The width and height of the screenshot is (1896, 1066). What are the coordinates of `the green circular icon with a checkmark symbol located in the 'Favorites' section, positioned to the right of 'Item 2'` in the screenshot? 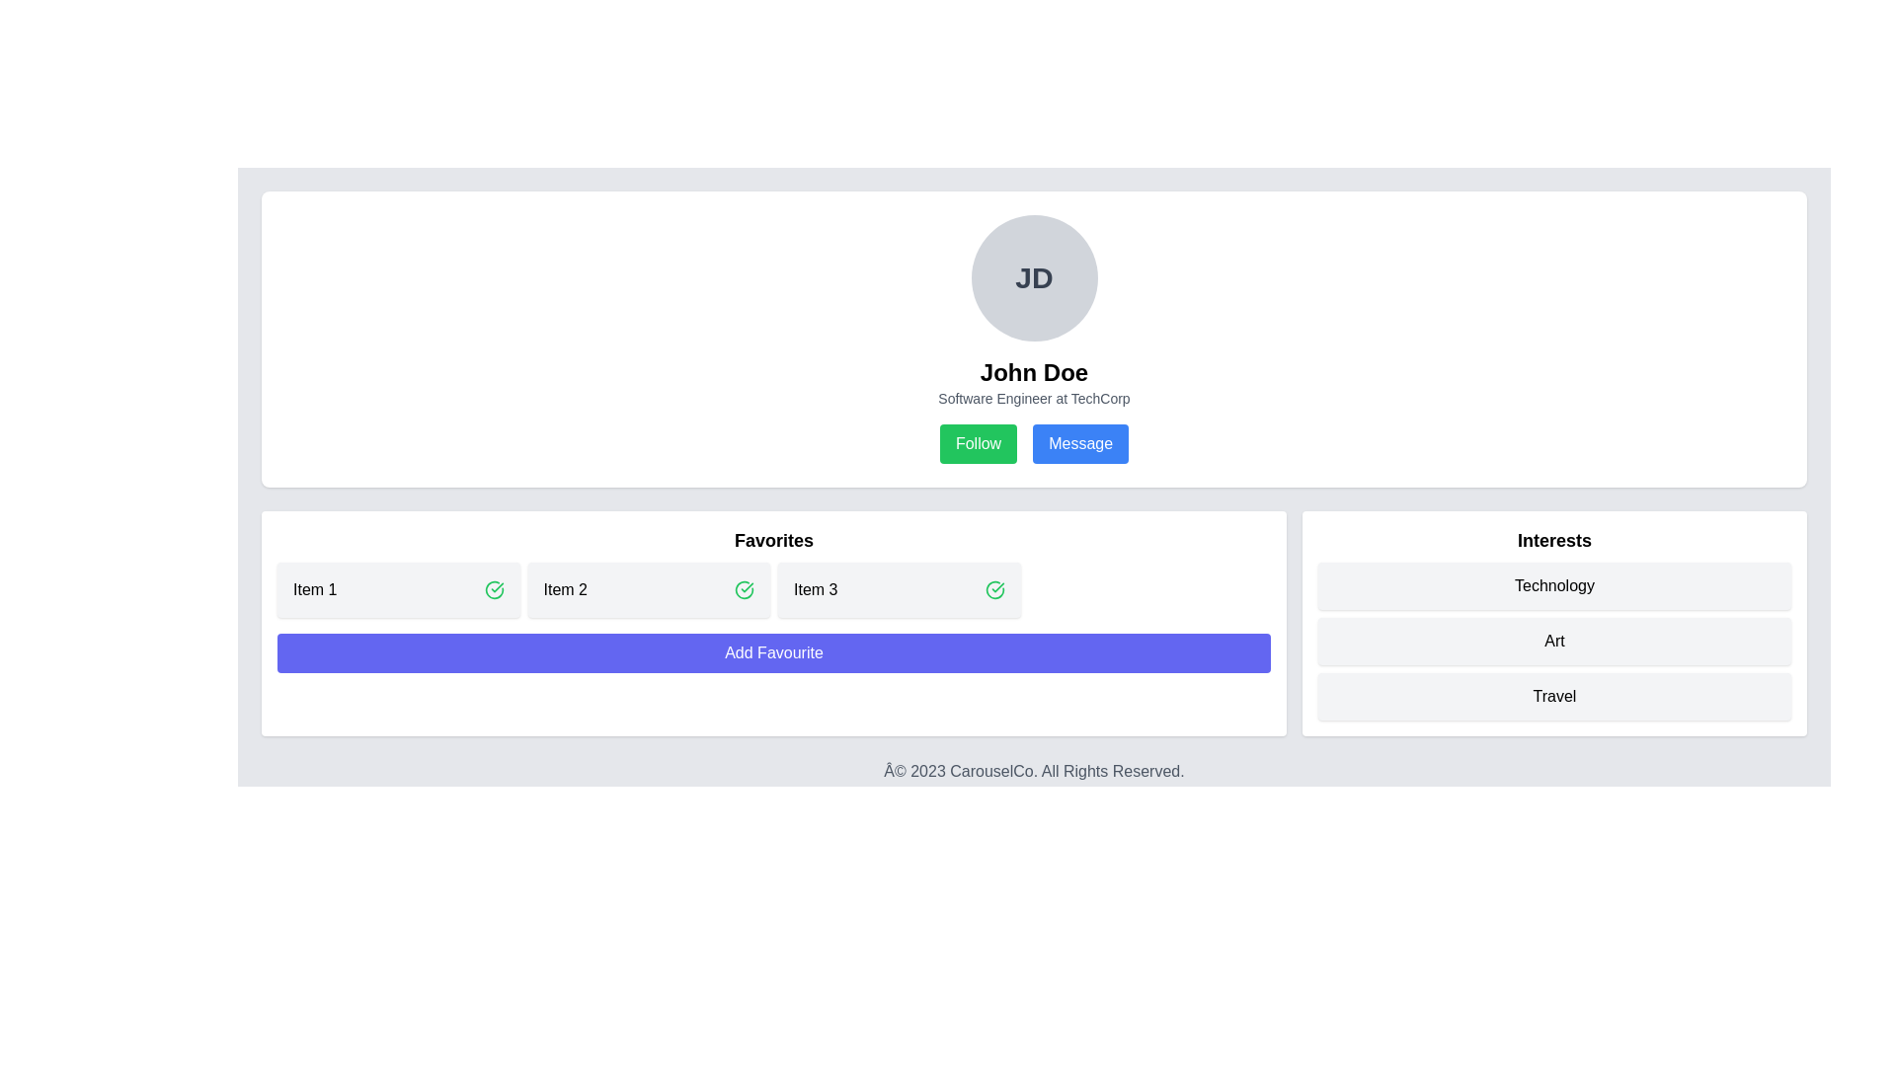 It's located at (994, 588).